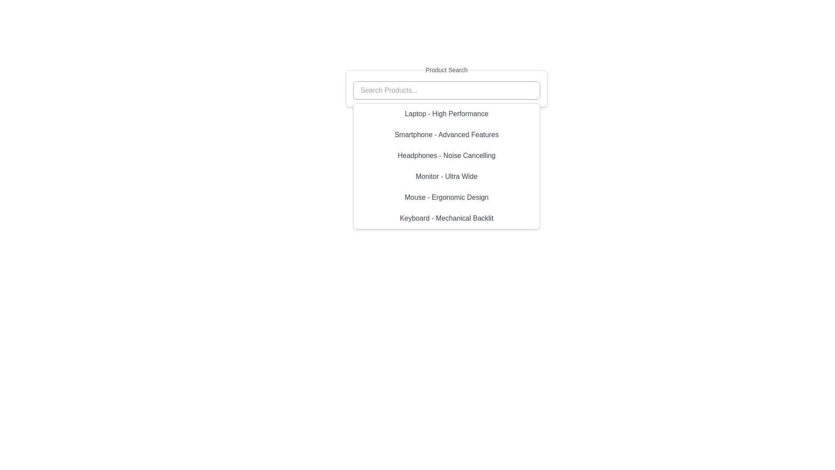  What do you see at coordinates (447, 166) in the screenshot?
I see `the Dropdown menu positioned below the 'Search Products...' input box` at bounding box center [447, 166].